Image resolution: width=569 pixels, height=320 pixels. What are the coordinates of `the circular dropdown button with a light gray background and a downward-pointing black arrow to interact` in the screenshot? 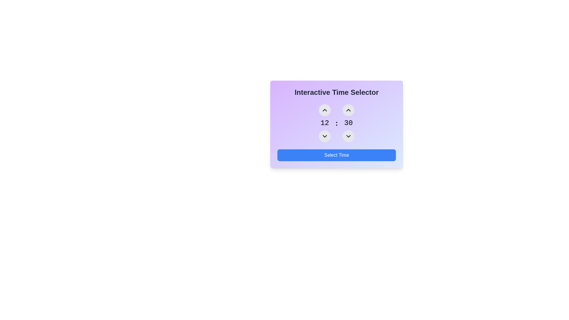 It's located at (324, 136).